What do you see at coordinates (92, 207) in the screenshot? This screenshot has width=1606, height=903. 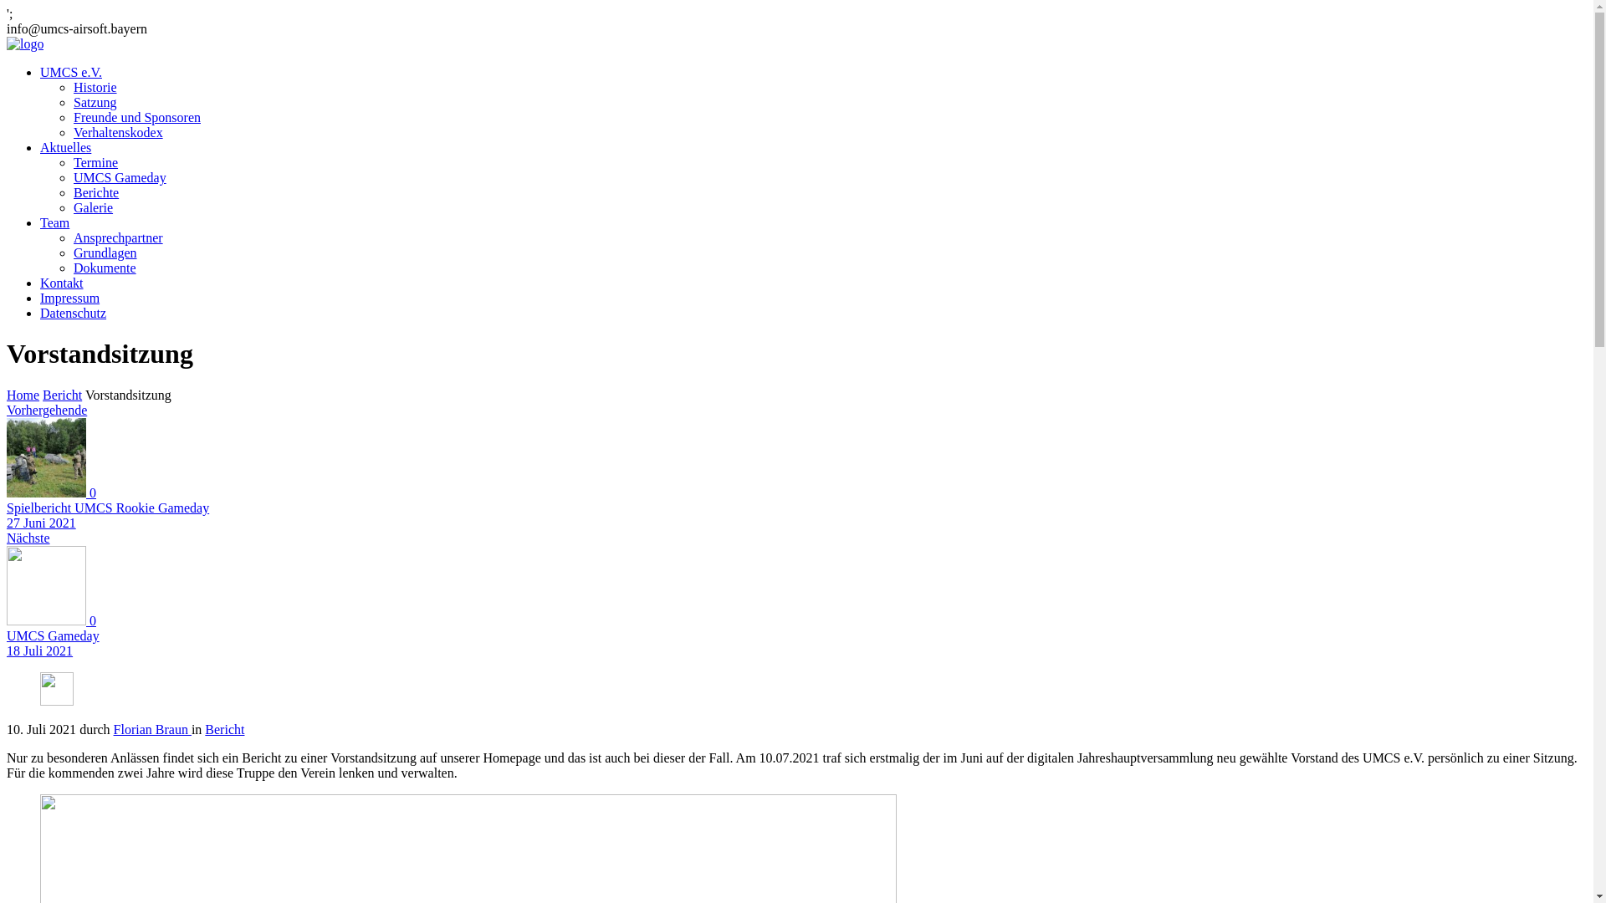 I see `'Galerie'` at bounding box center [92, 207].